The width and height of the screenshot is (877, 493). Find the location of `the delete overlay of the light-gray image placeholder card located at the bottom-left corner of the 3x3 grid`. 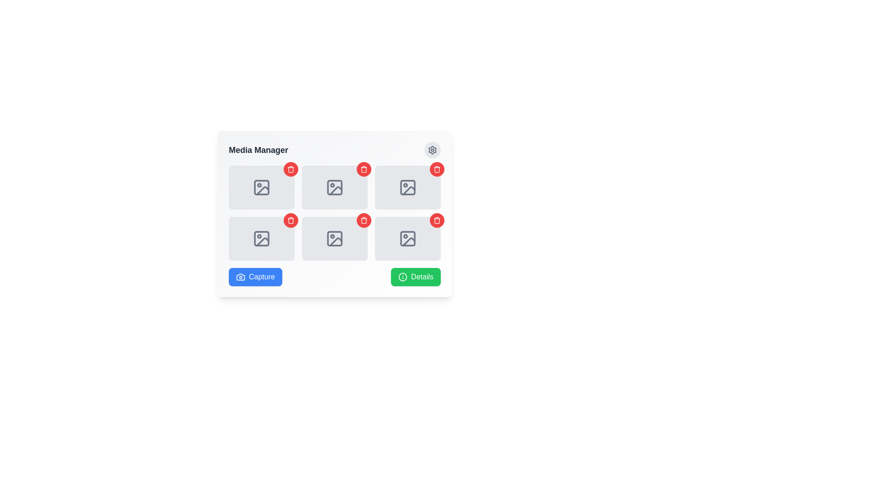

the delete overlay of the light-gray image placeholder card located at the bottom-left corner of the 3x3 grid is located at coordinates (261, 238).